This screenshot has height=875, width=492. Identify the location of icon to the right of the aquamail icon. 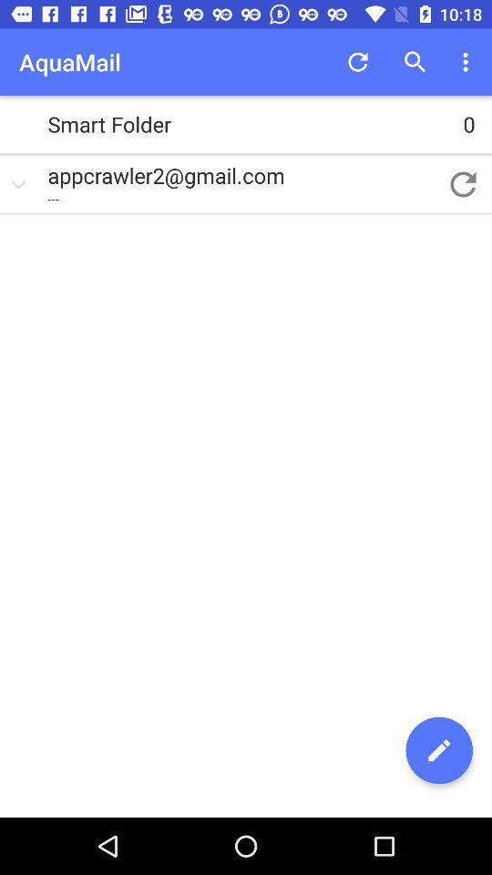
(358, 62).